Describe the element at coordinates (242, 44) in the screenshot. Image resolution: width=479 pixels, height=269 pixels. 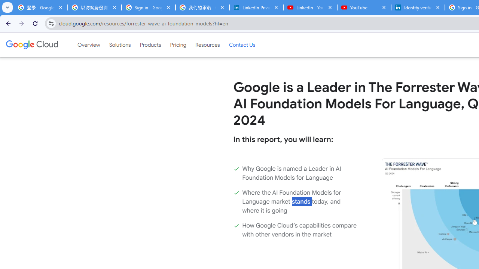
I see `'Contact Us'` at that location.